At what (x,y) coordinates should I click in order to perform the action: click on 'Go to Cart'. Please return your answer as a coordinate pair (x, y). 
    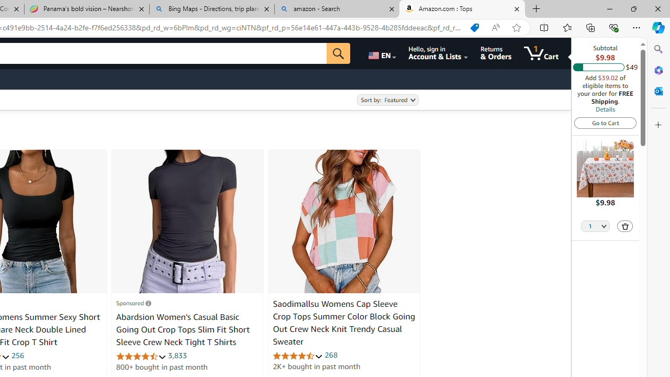
    Looking at the image, I should click on (605, 122).